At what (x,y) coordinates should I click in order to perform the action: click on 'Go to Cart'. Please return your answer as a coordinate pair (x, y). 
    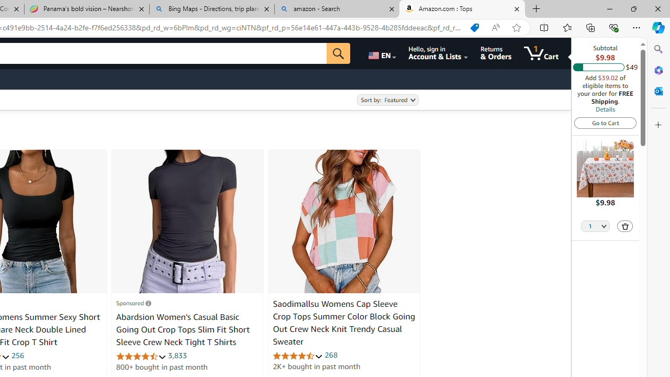
    Looking at the image, I should click on (605, 122).